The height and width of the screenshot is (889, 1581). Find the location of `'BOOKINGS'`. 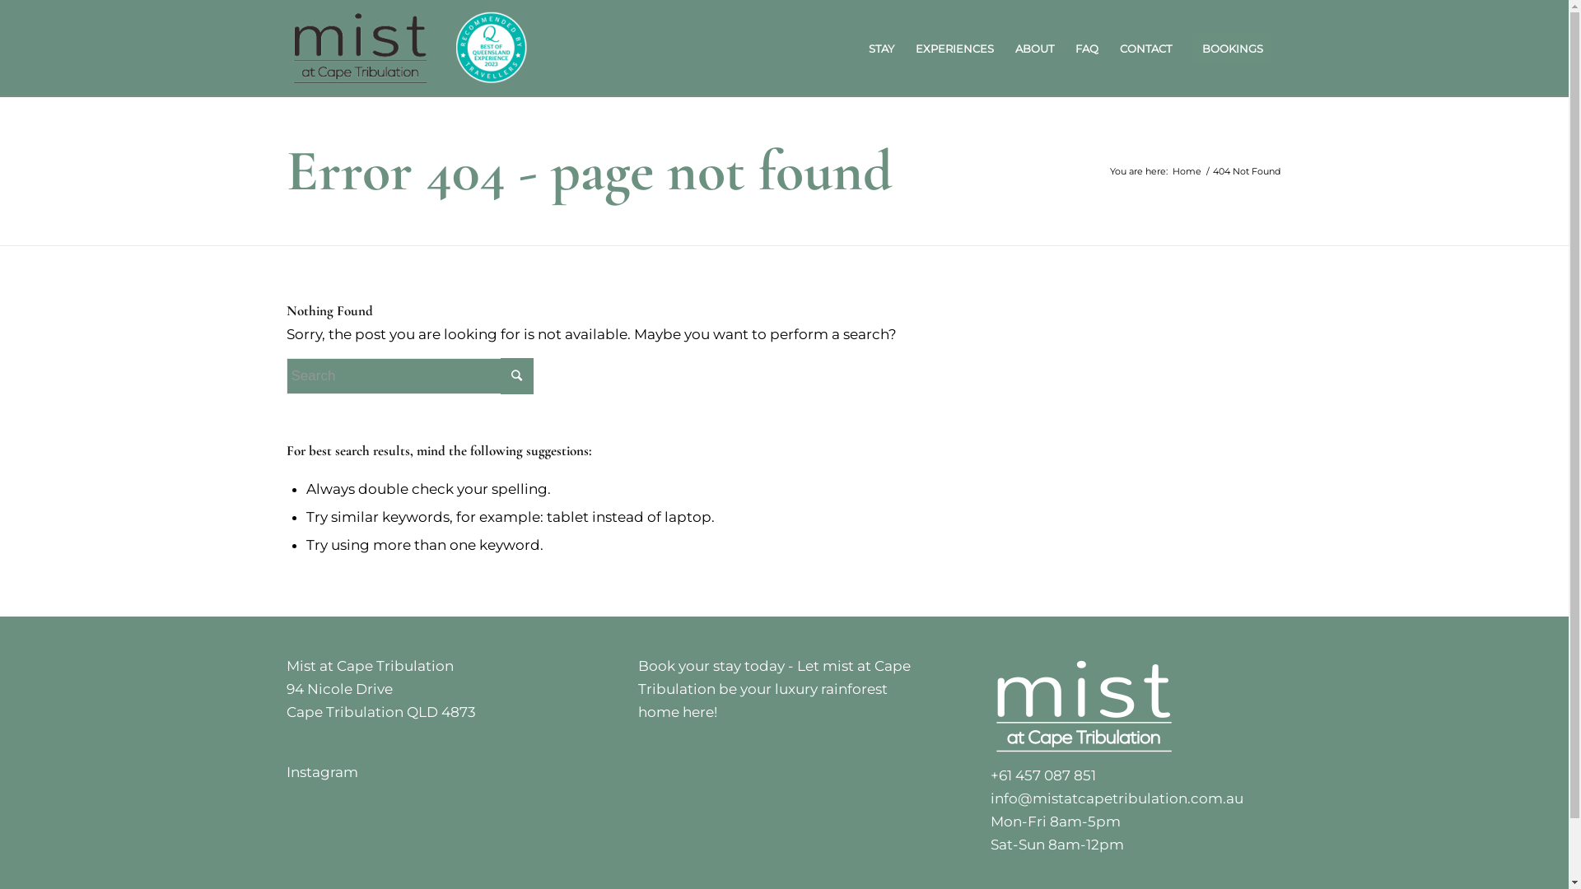

'BOOKINGS' is located at coordinates (1233, 47).